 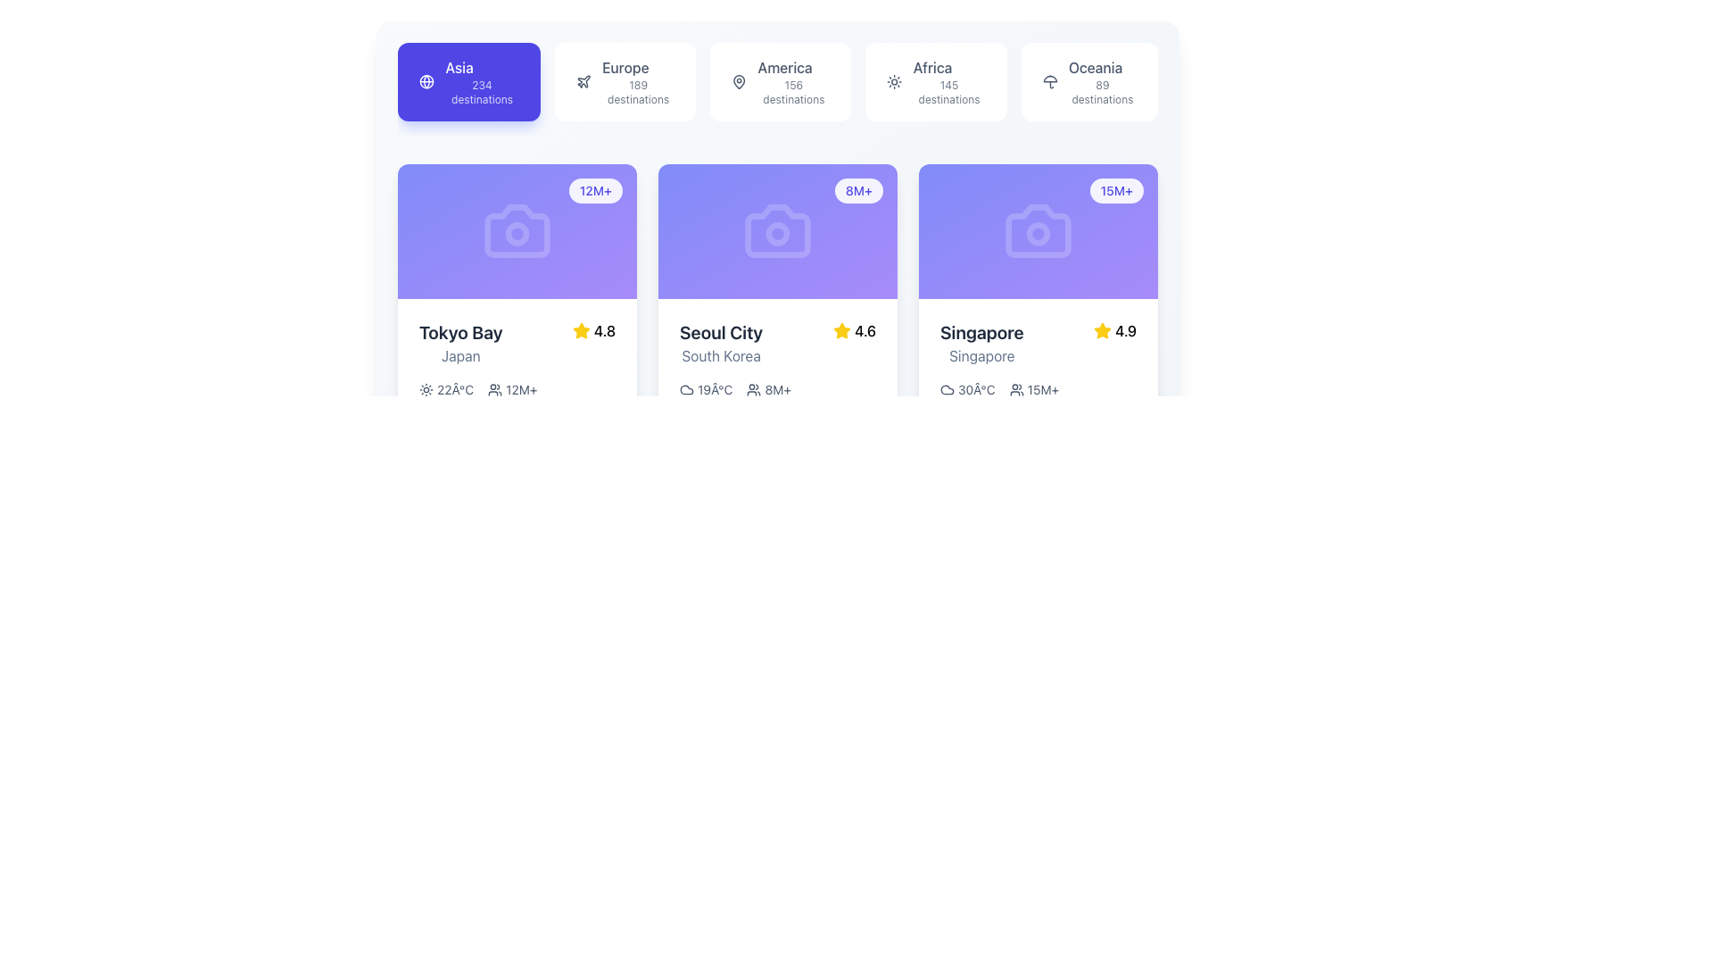 What do you see at coordinates (966, 388) in the screenshot?
I see `the temperature indicator element displaying '30°C' with a cloud icon, located in the bottom section of the 'Singapore' card` at bounding box center [966, 388].